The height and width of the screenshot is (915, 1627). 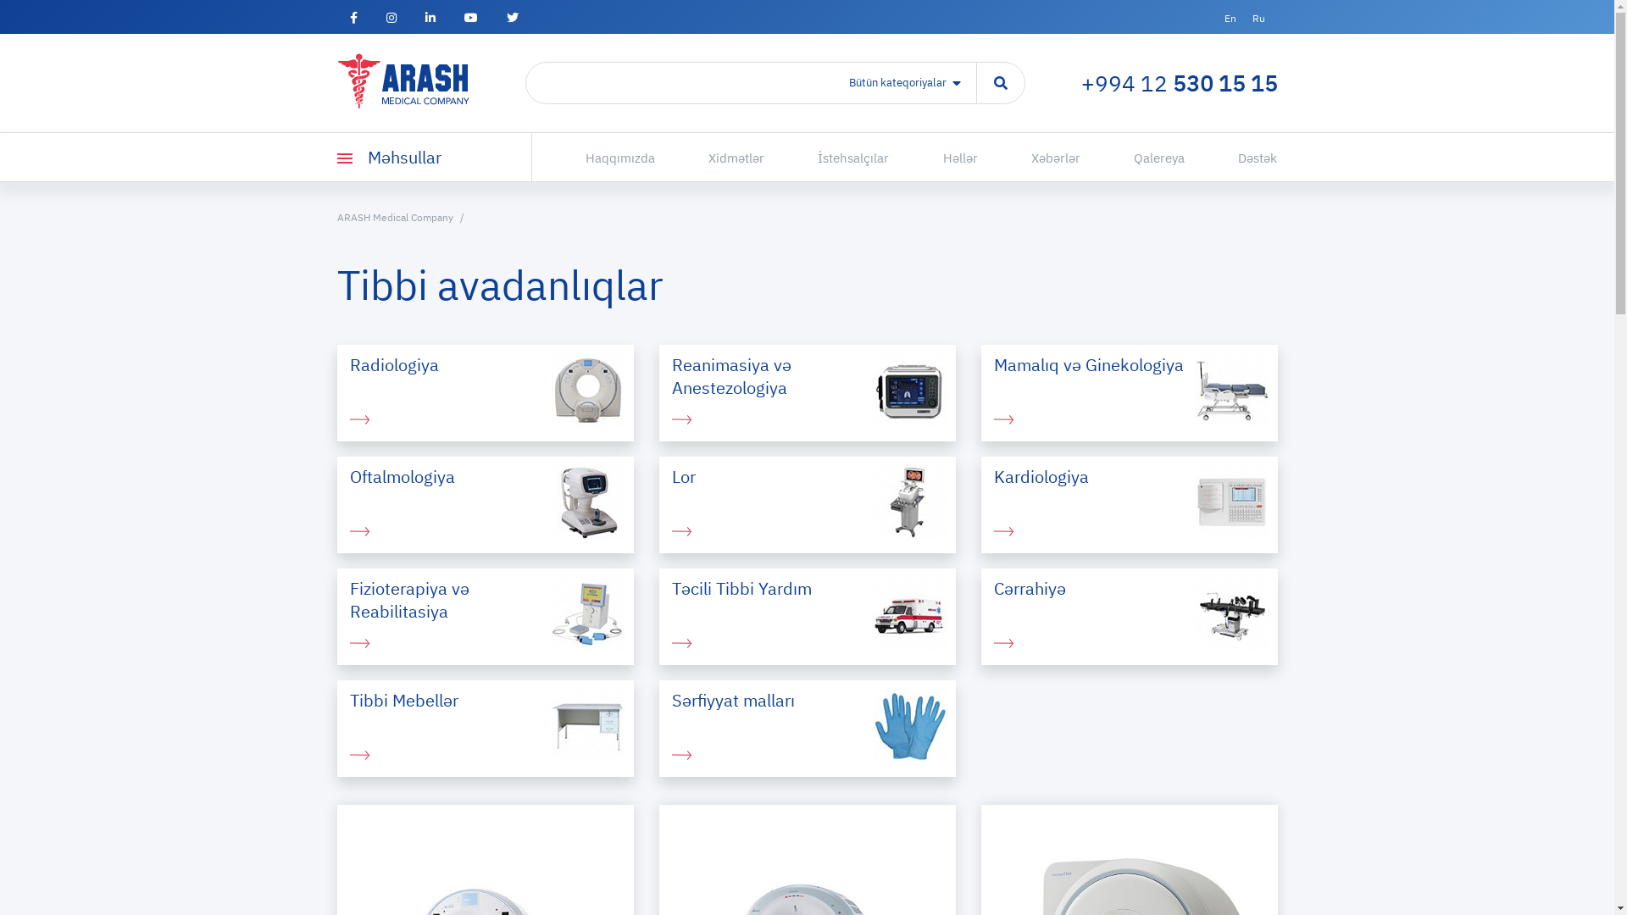 What do you see at coordinates (807, 504) in the screenshot?
I see `'Lor'` at bounding box center [807, 504].